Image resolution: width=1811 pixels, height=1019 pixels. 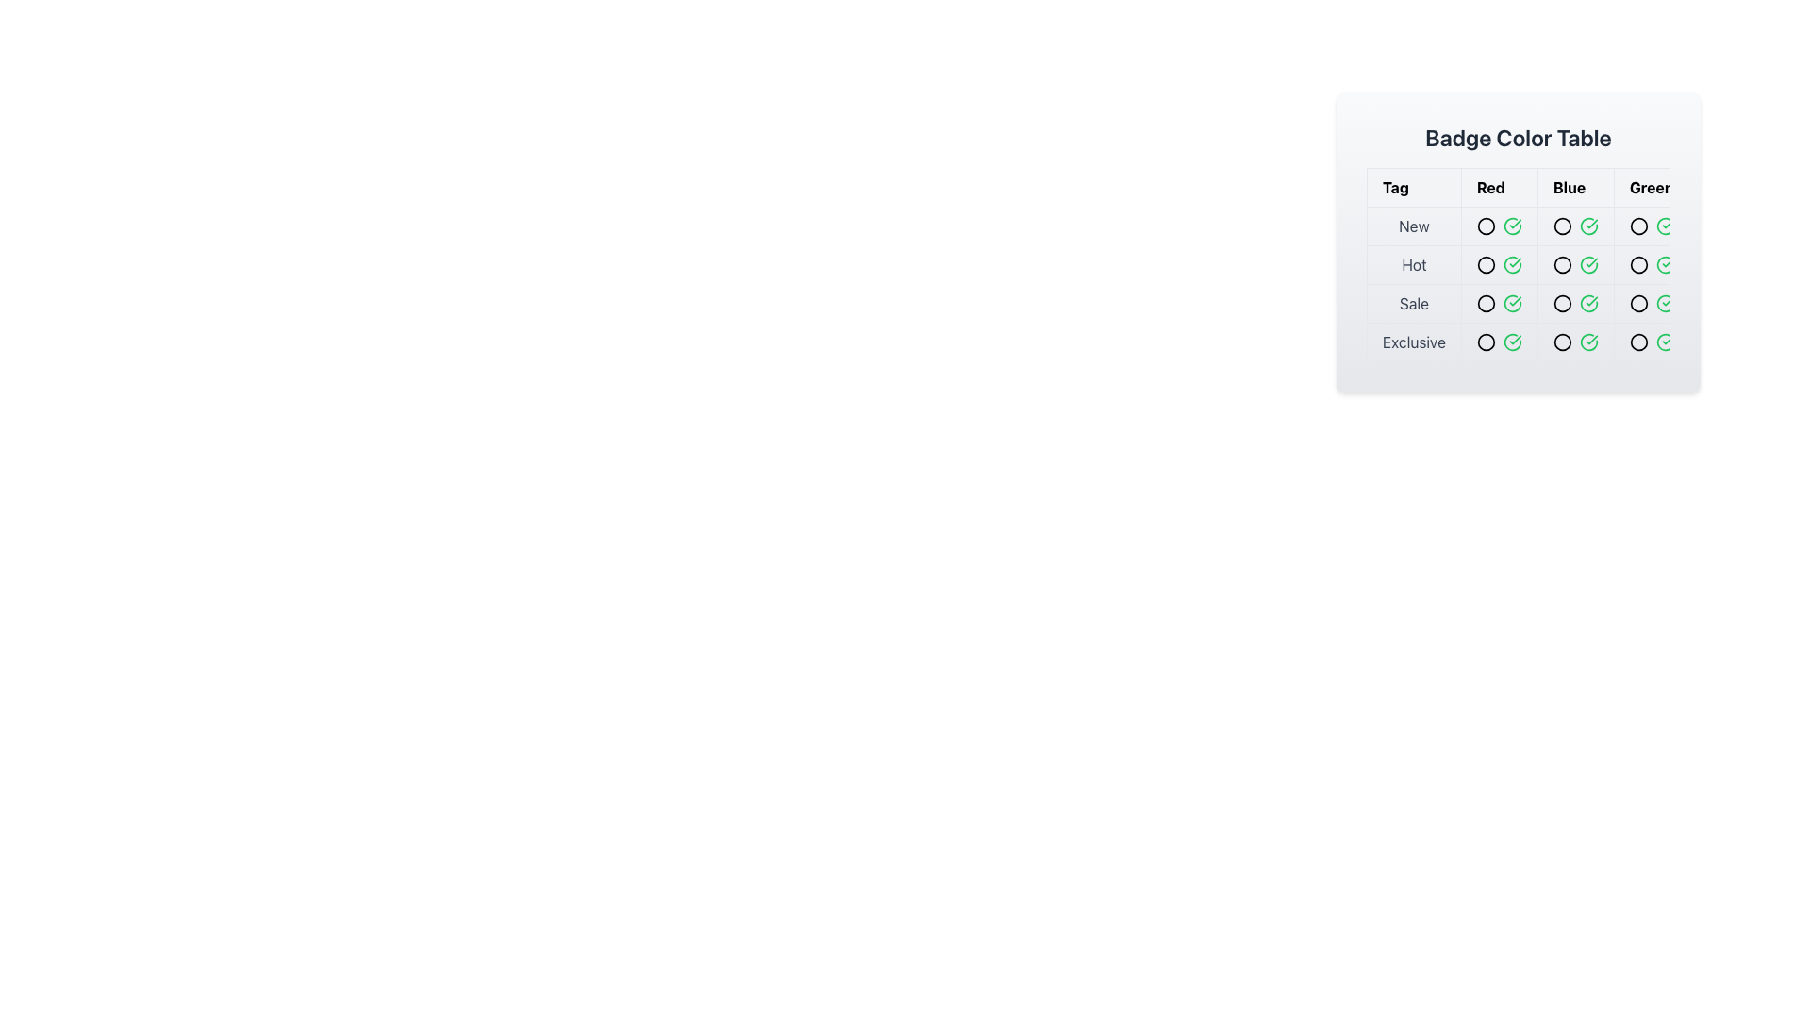 I want to click on the green-bordered circular graphical indicator located in the 'Badge Color Table' under the 'Green' column and 'Sale' row, so click(x=1637, y=302).